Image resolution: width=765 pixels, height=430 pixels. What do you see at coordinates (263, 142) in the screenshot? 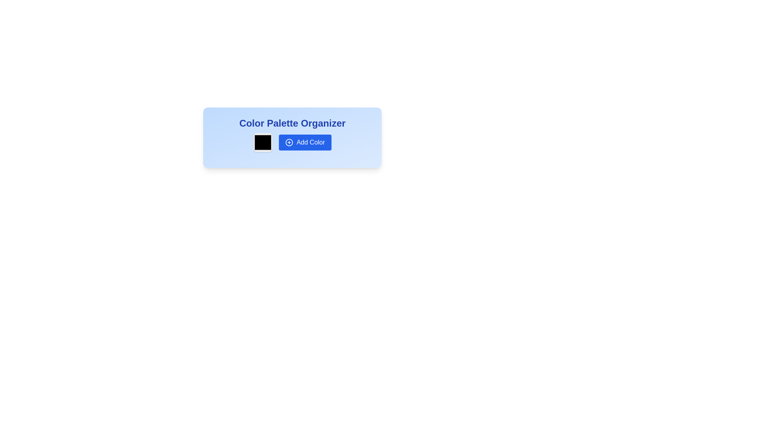
I see `the first color swatch, which is a small square block with a black fill and a light grey outline` at bounding box center [263, 142].